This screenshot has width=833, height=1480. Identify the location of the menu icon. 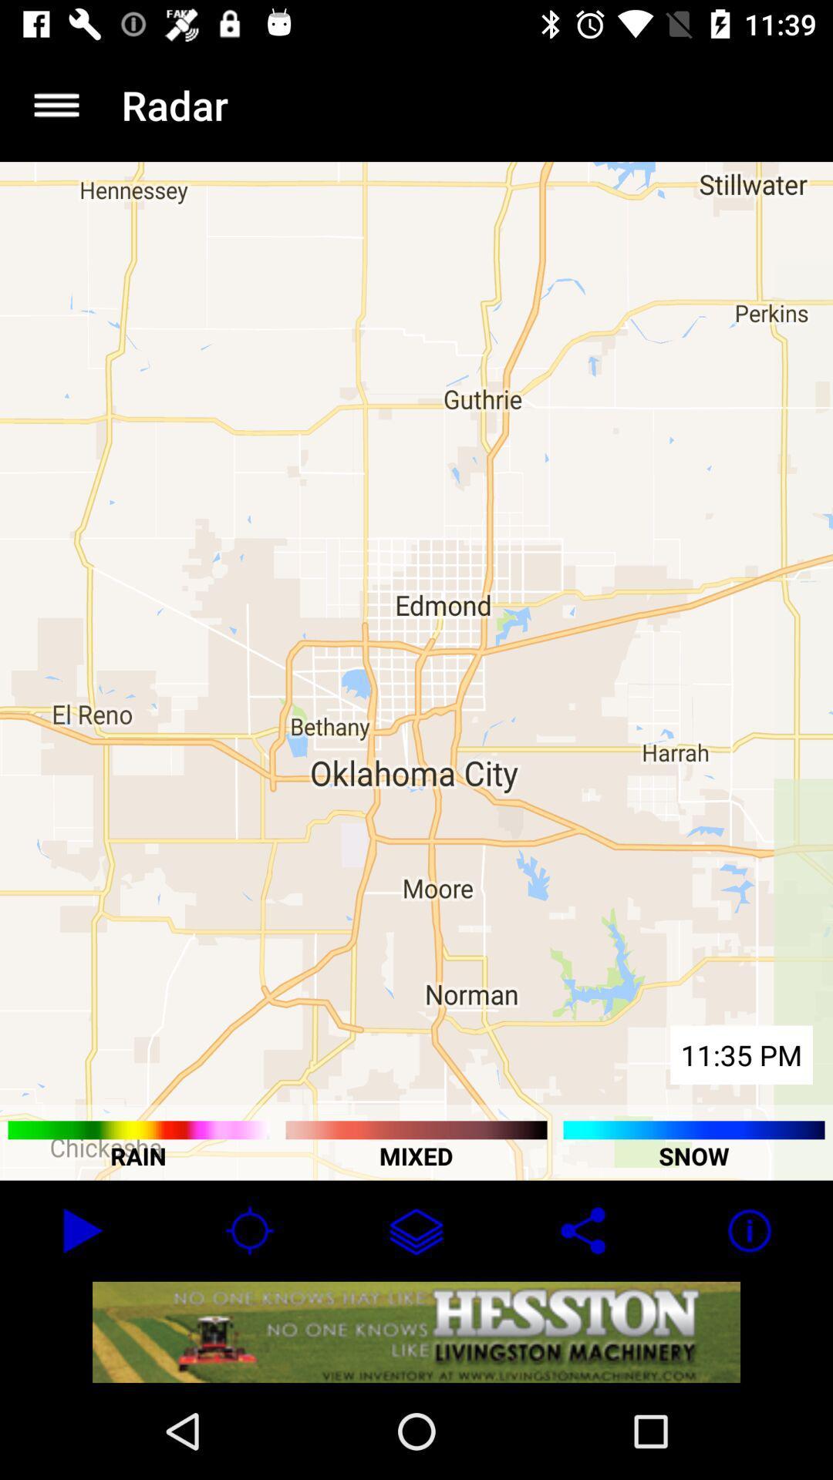
(56, 104).